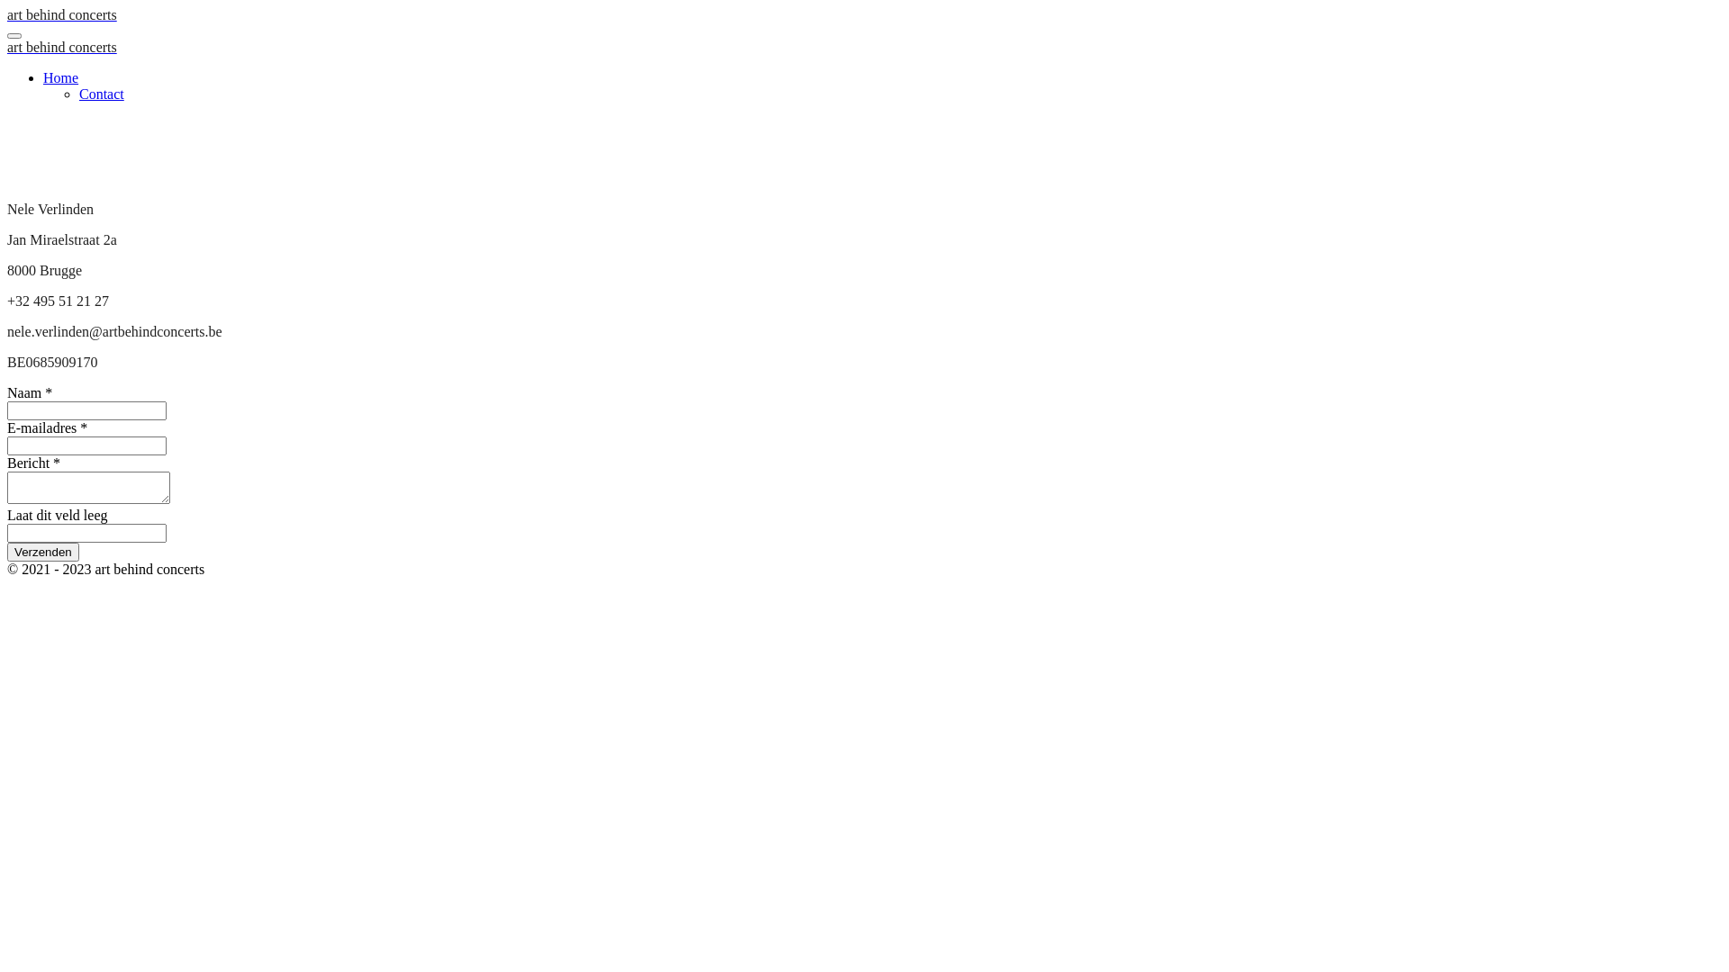 The image size is (1729, 972). I want to click on 'Home', so click(60, 76).